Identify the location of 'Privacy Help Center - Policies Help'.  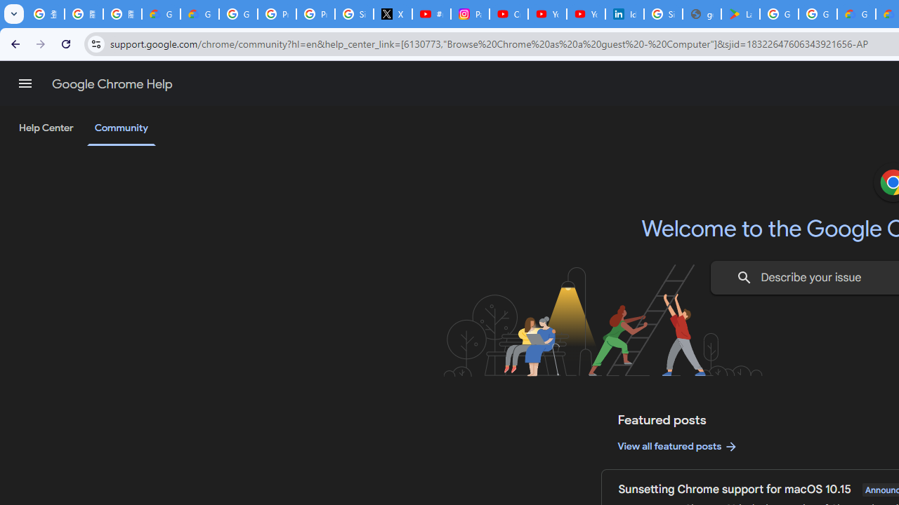
(315, 14).